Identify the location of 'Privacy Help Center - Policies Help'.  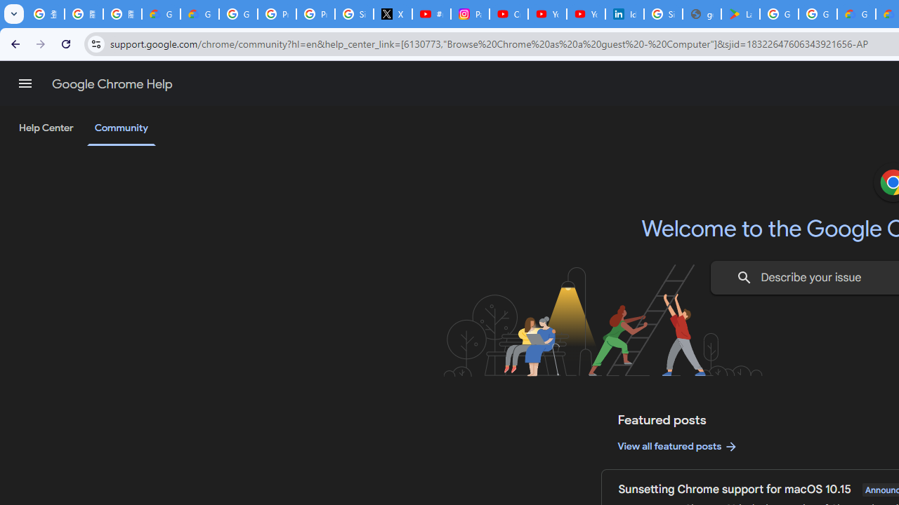
(315, 14).